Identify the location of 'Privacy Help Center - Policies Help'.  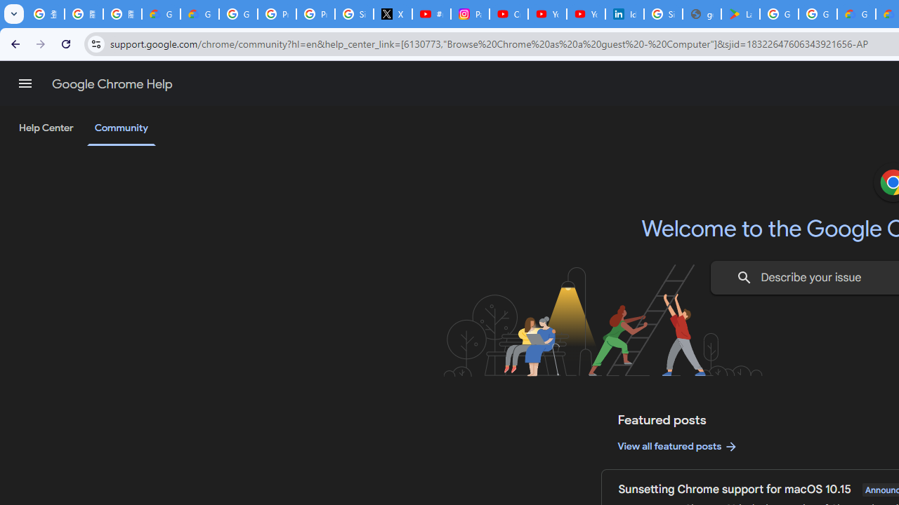
(315, 14).